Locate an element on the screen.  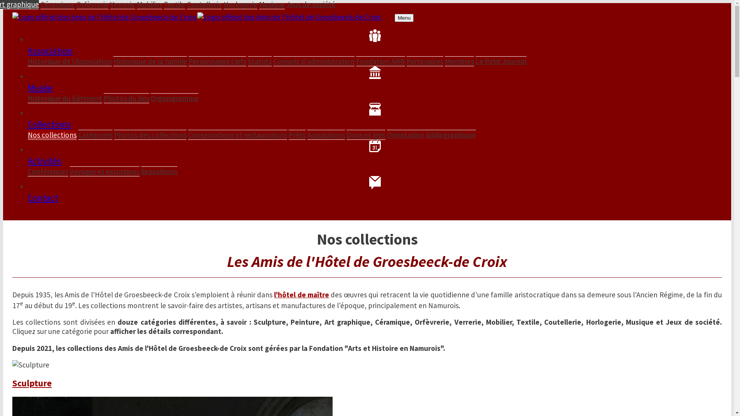
'Conservations et restaurations' is located at coordinates (188, 134).